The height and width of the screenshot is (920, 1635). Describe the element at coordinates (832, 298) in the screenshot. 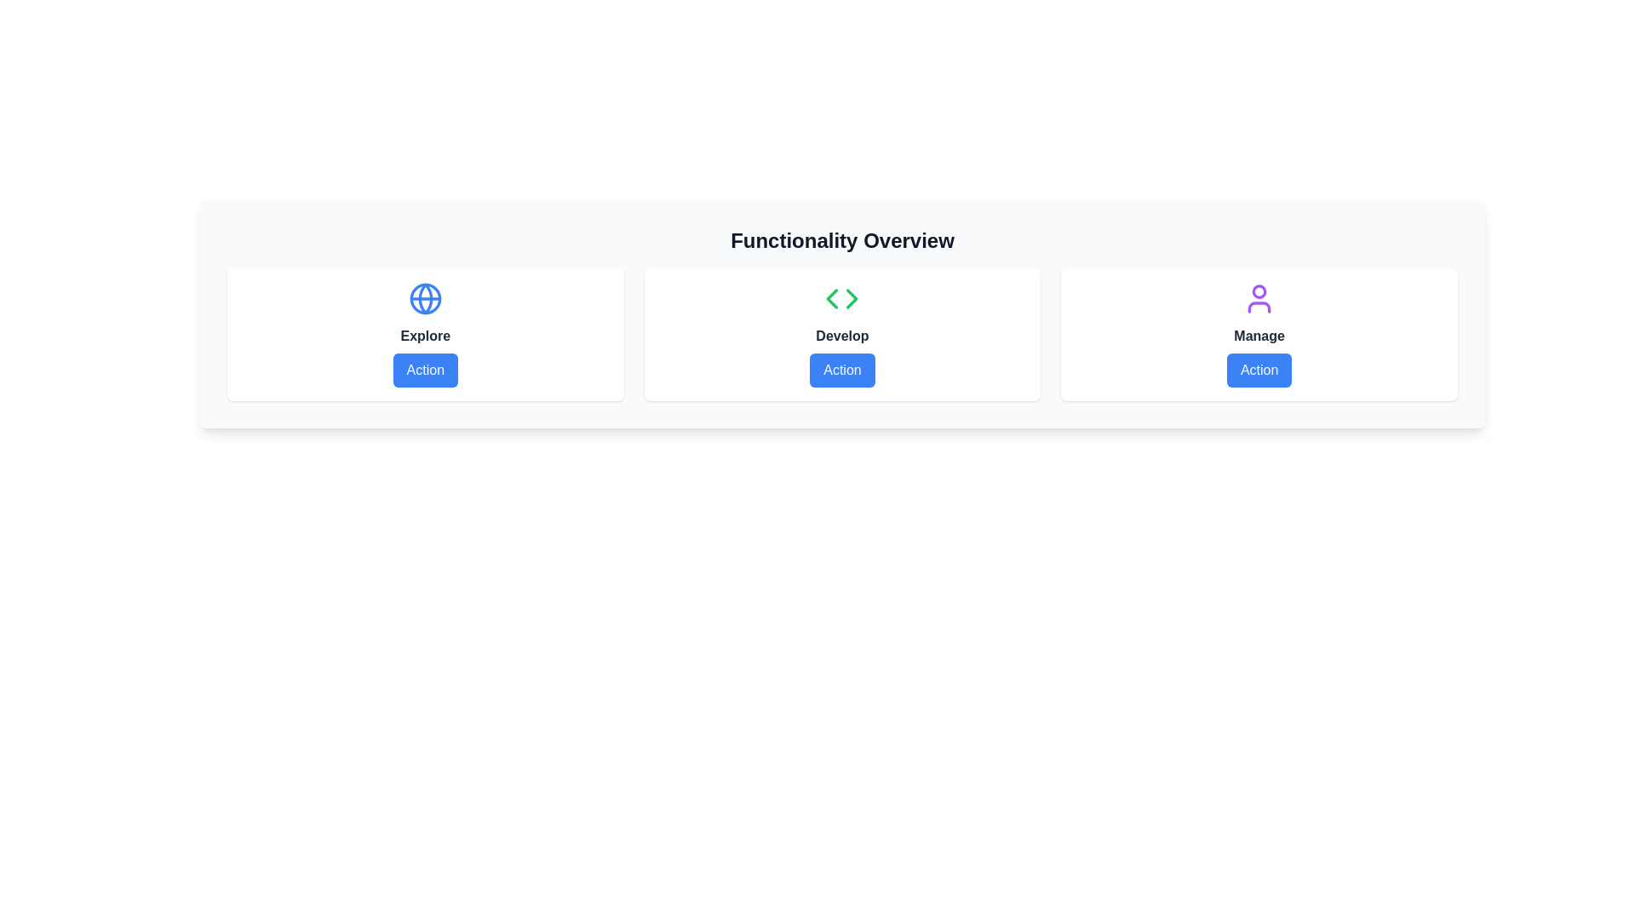

I see `the small left-pointing green arrow icon in the middle pane titled 'Develop', which is positioned slightly left of the right arrow` at that location.